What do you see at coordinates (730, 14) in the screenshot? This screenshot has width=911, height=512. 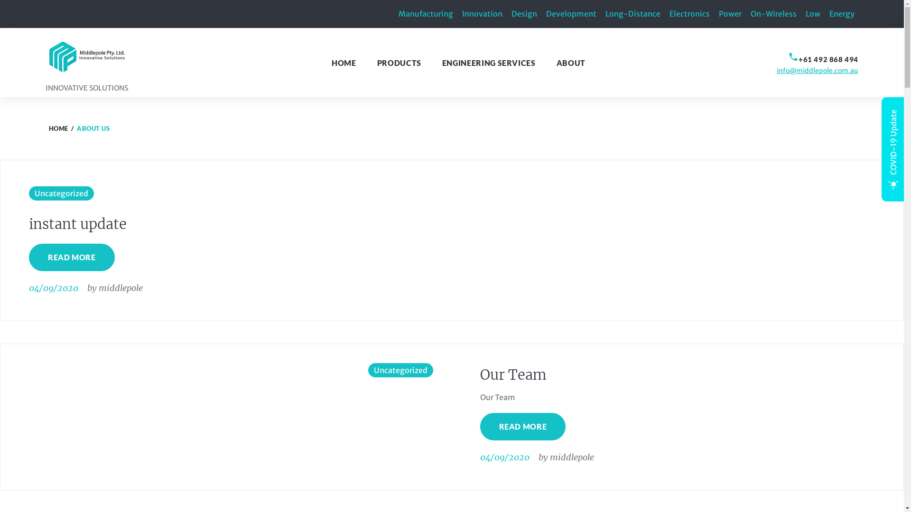 I see `'Power'` at bounding box center [730, 14].